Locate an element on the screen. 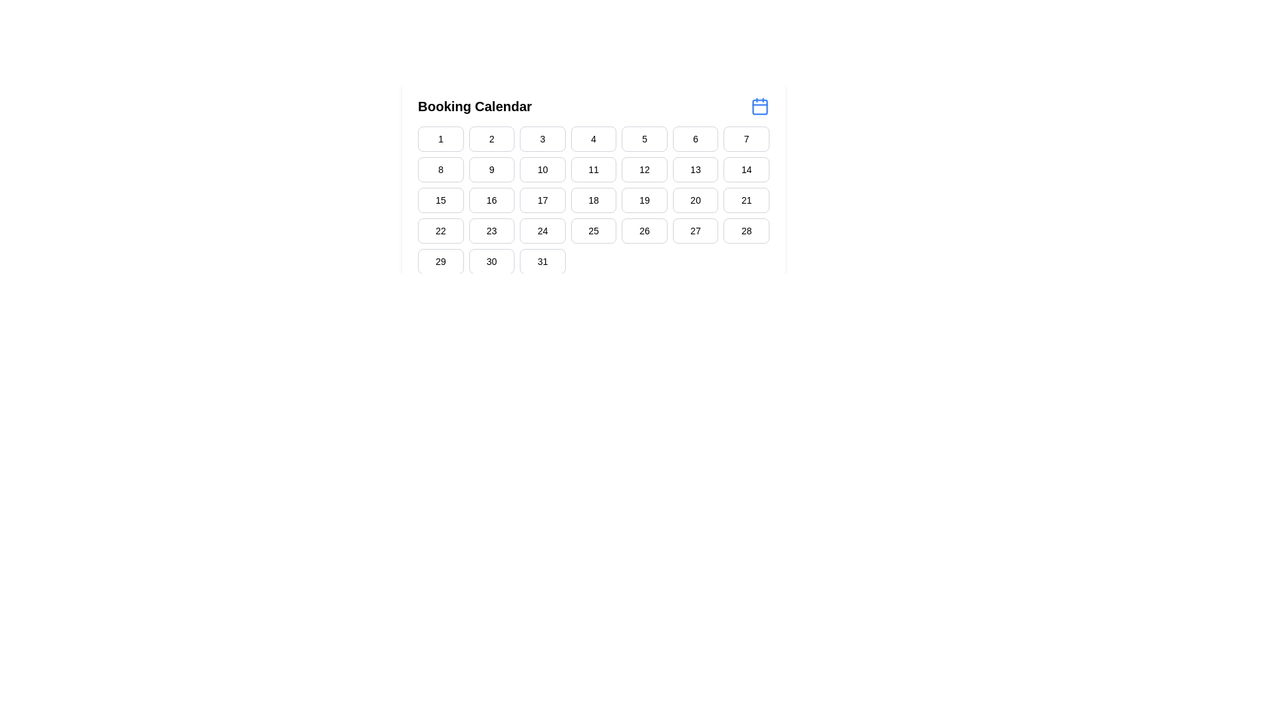 This screenshot has height=719, width=1278. the button labeled '18' with a white background and black text is located at coordinates (593, 200).